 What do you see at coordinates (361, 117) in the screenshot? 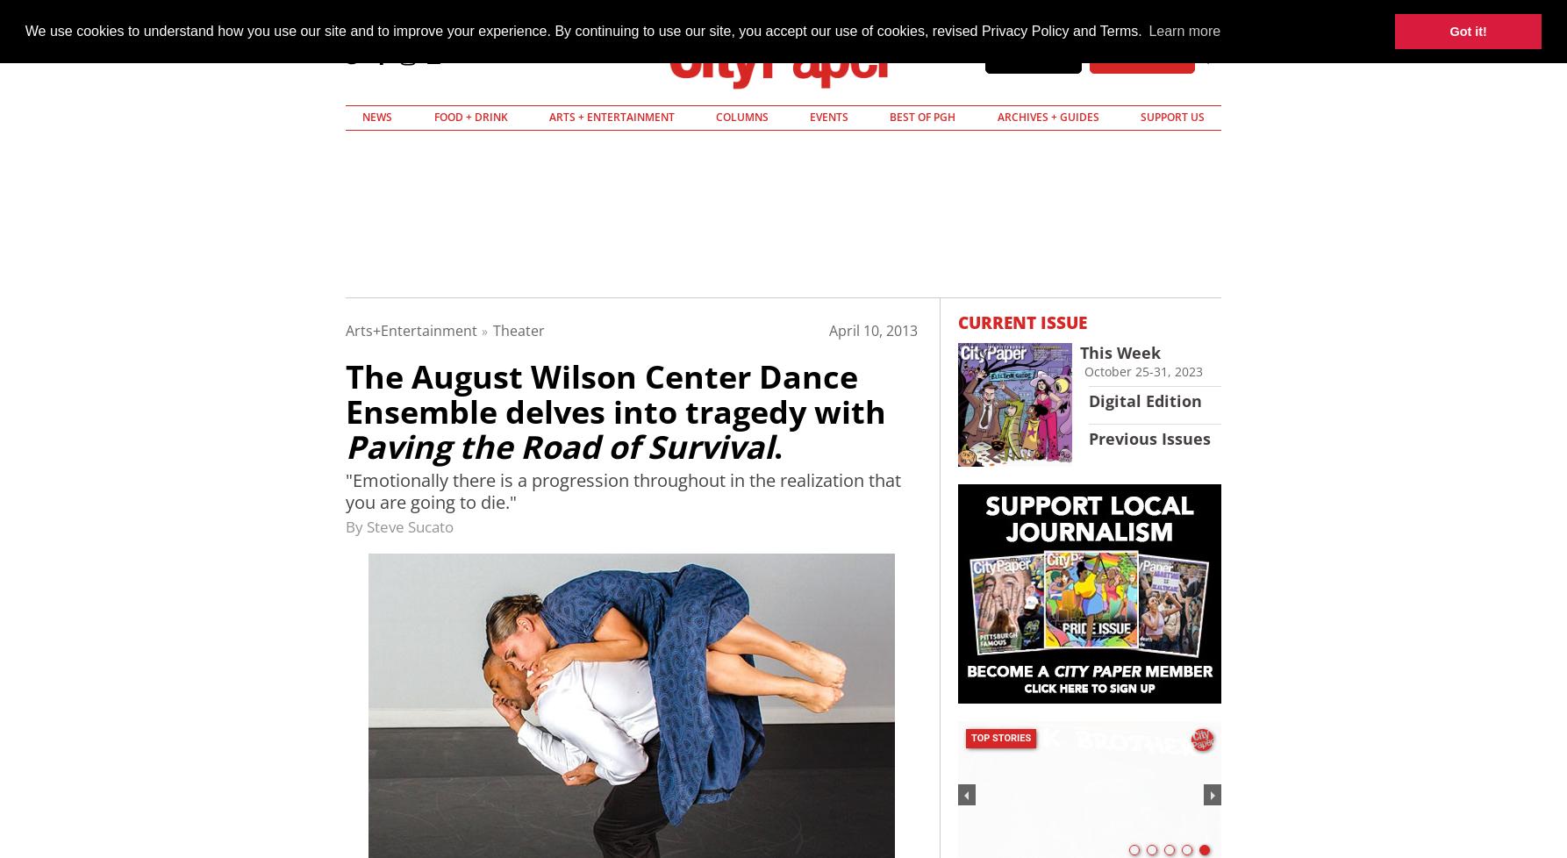
I see `'News'` at bounding box center [361, 117].